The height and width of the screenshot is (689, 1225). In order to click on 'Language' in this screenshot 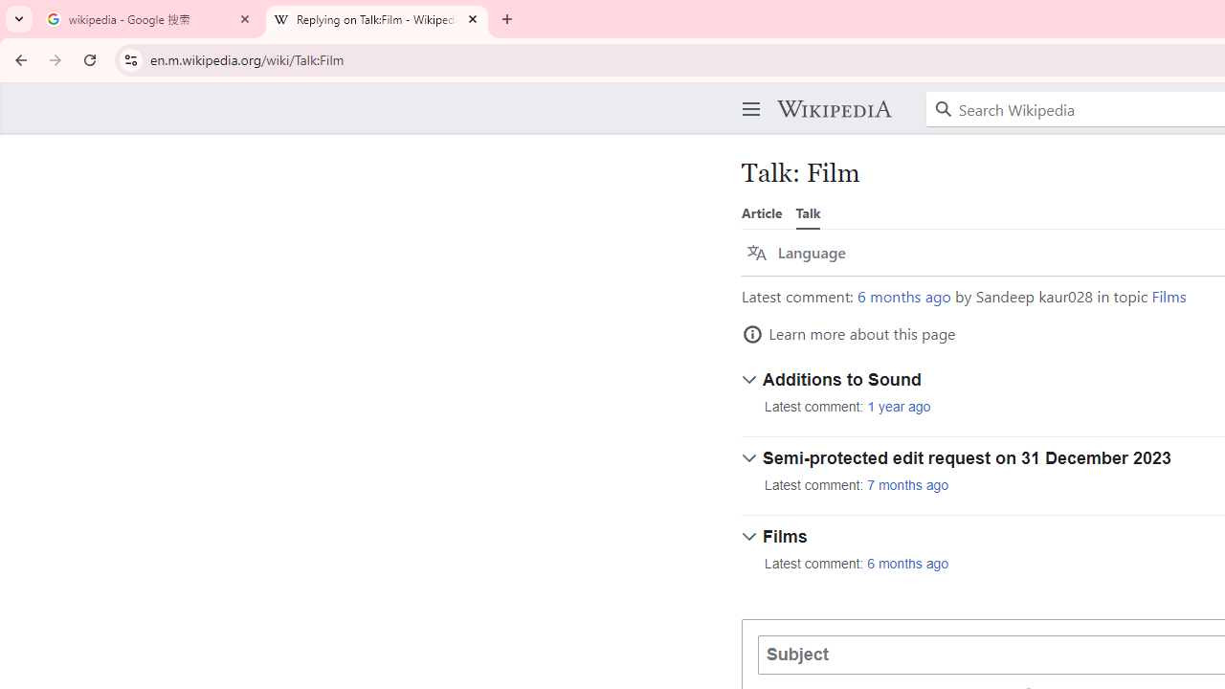, I will do `click(796, 252)`.